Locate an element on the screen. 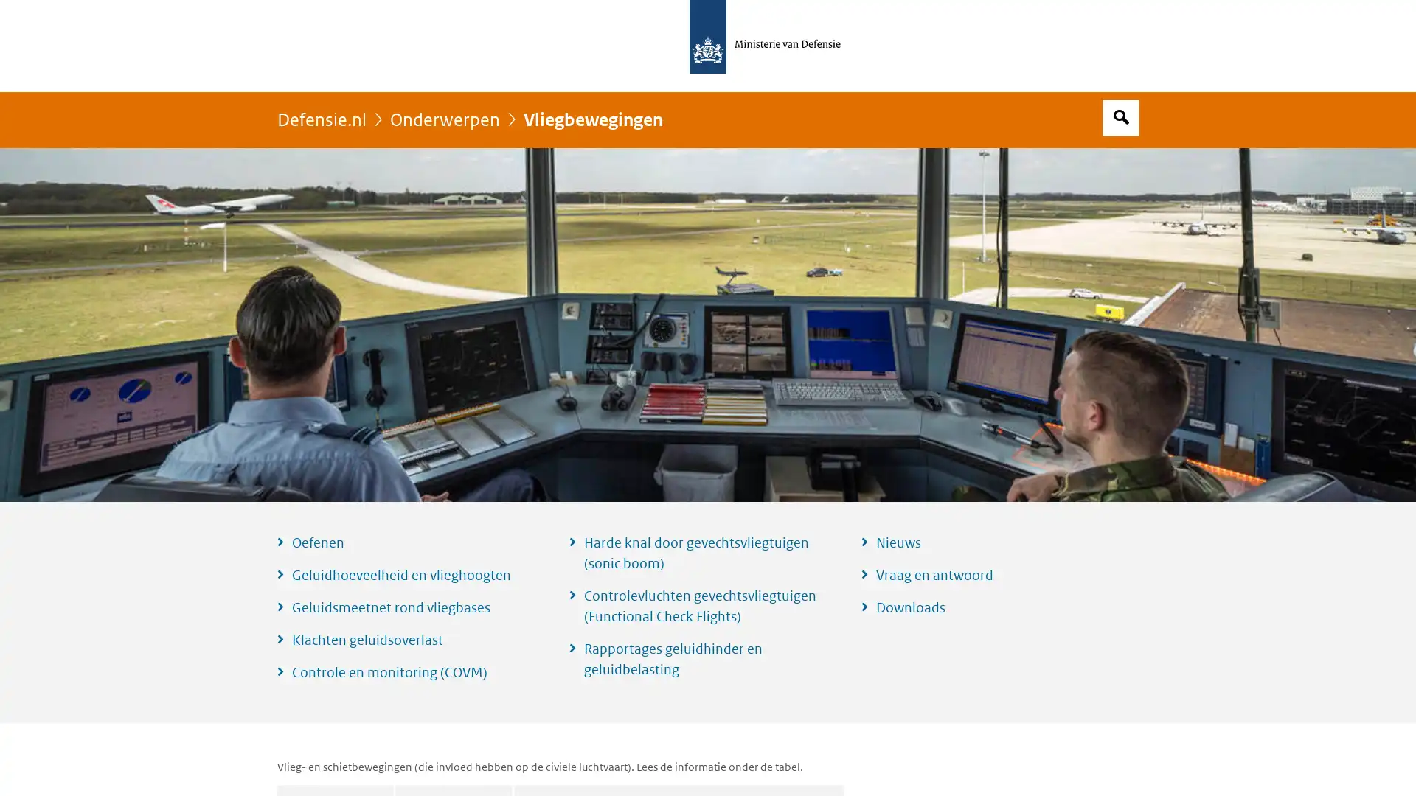 This screenshot has height=796, width=1416. Open zoekveld is located at coordinates (1121, 116).